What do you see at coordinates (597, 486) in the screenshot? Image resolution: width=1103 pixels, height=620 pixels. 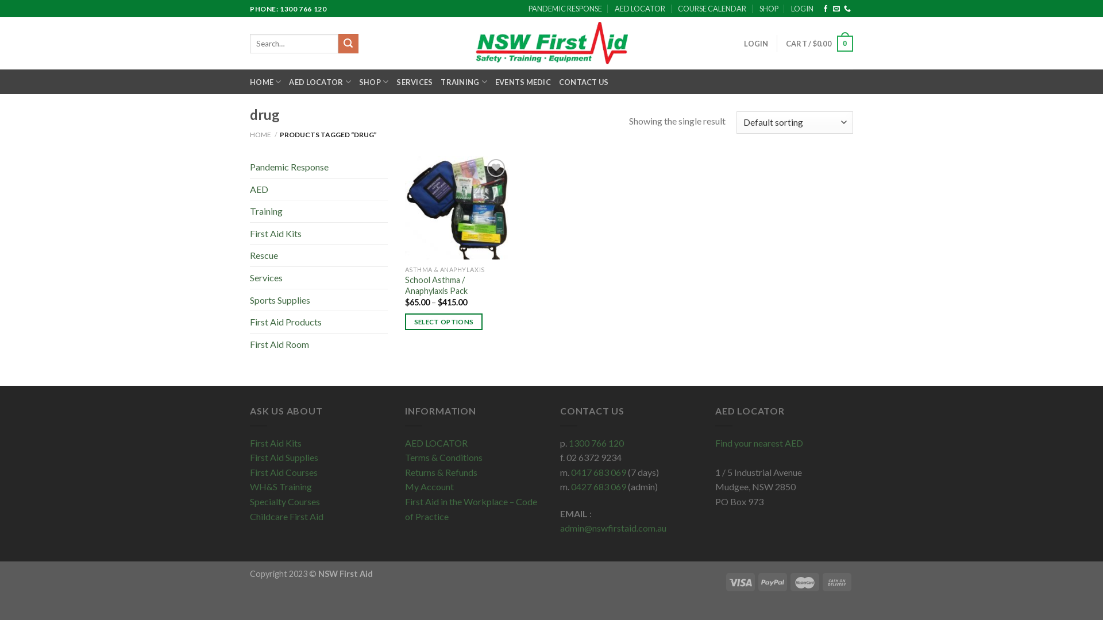 I see `'0427 683 069'` at bounding box center [597, 486].